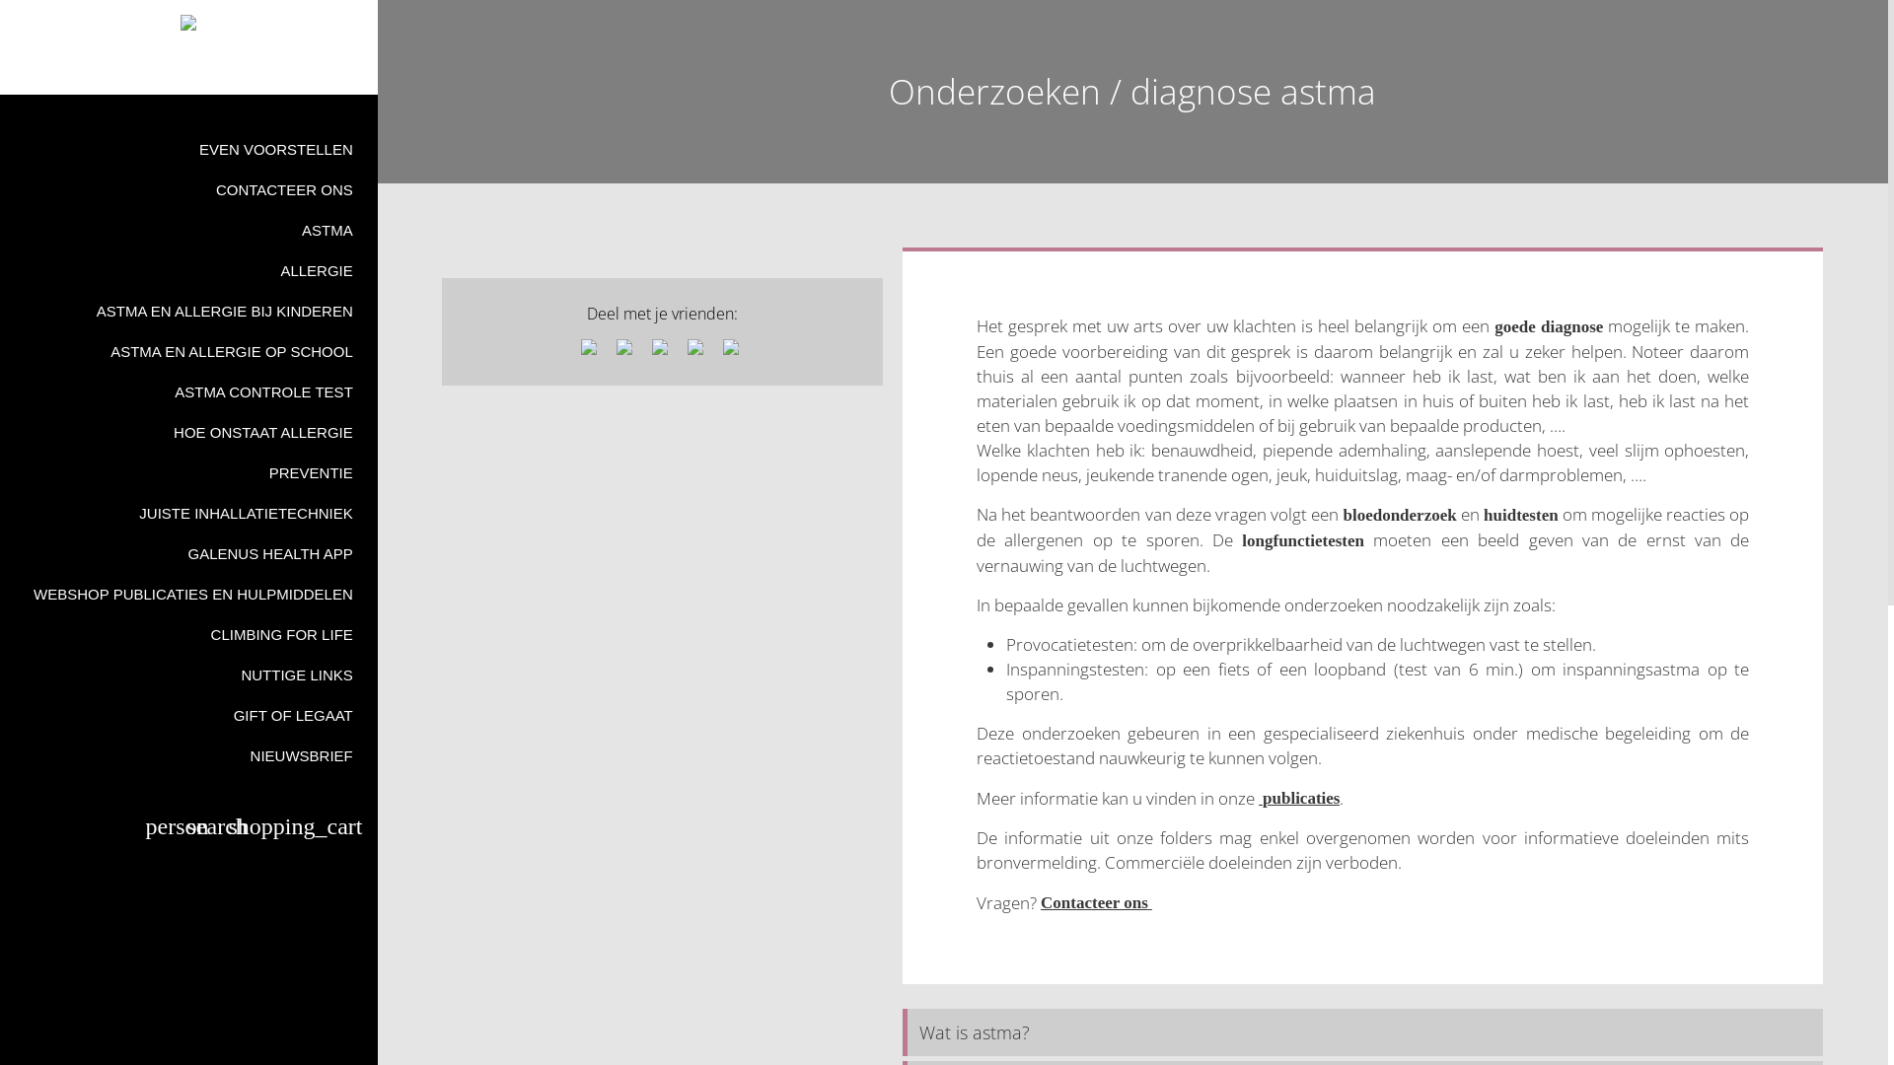 This screenshot has width=1894, height=1065. I want to click on 'ASTMA EN ALLERGIE BIJ KINDEREN', so click(0, 311).